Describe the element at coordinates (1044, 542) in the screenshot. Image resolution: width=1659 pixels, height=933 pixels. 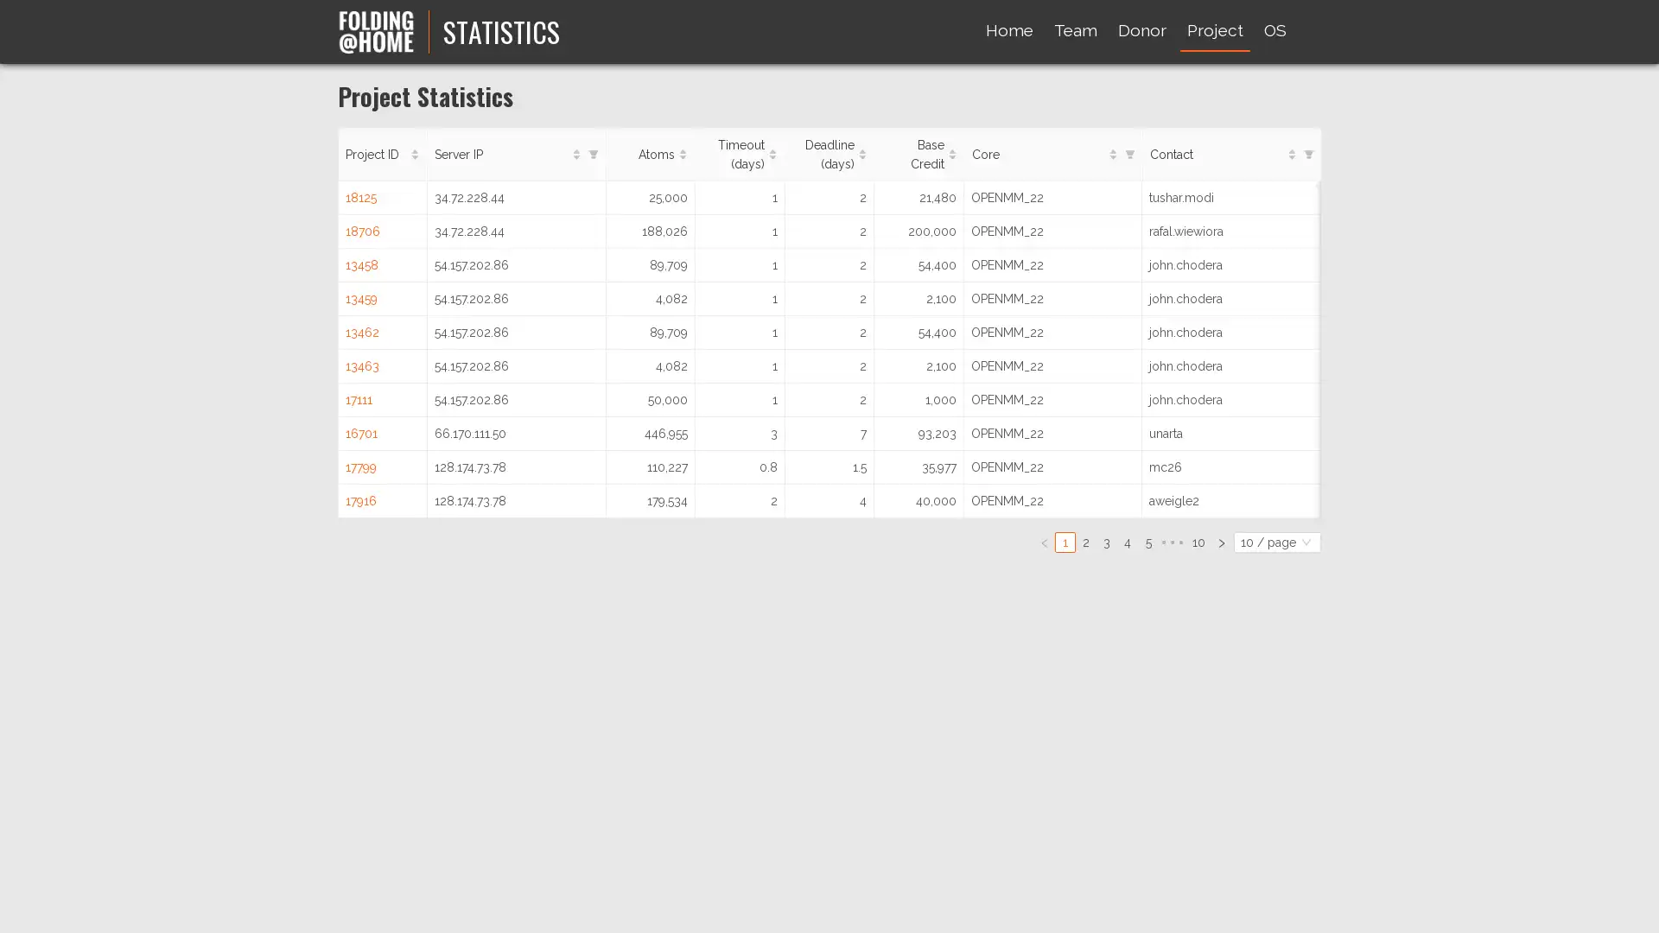
I see `left` at that location.